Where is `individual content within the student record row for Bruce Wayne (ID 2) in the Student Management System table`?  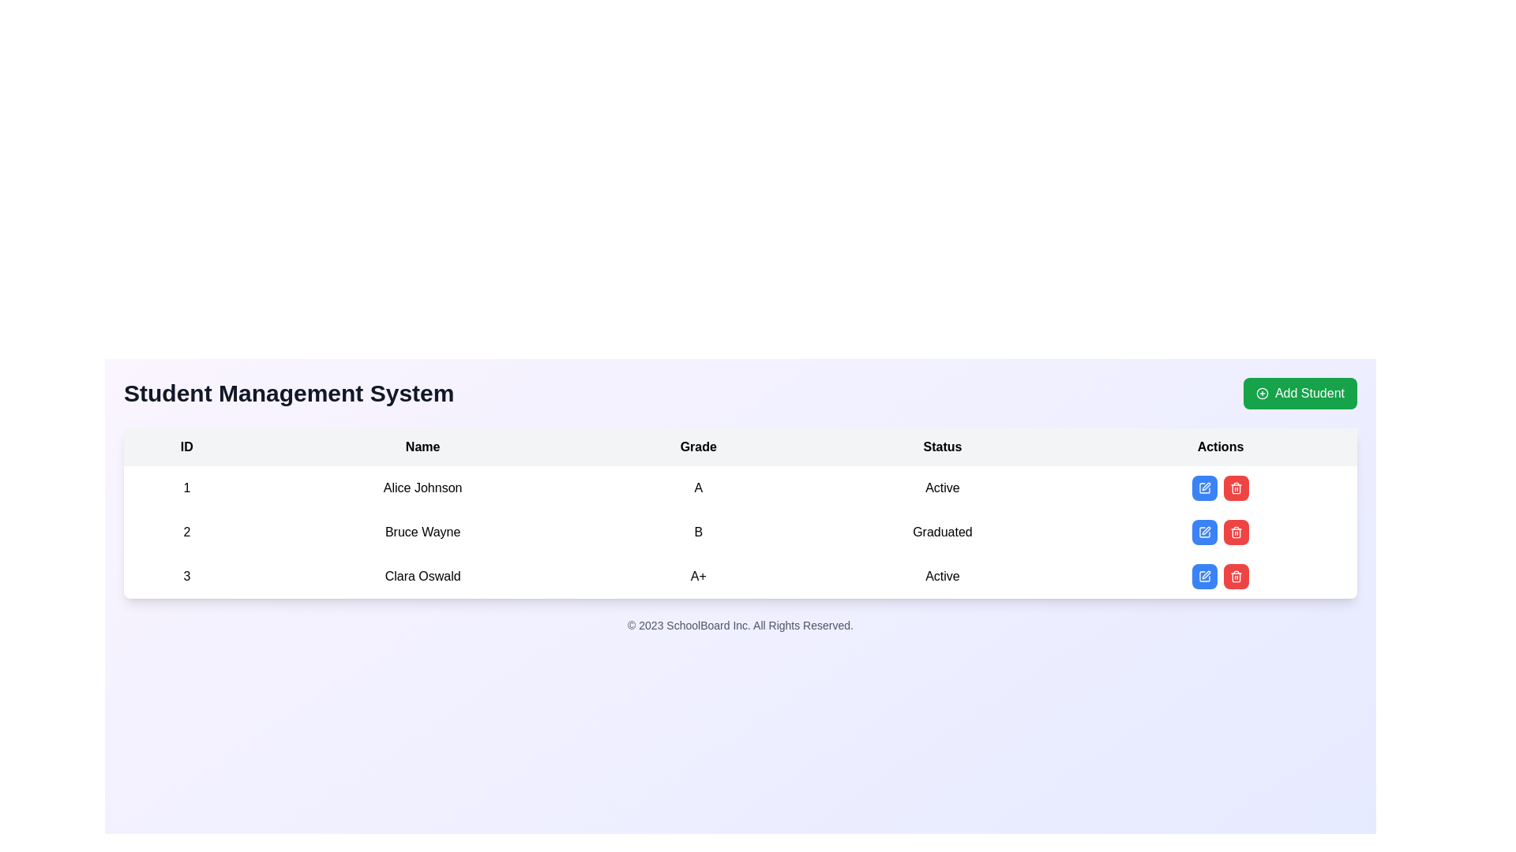 individual content within the student record row for Bruce Wayne (ID 2) in the Student Management System table is located at coordinates (739, 532).